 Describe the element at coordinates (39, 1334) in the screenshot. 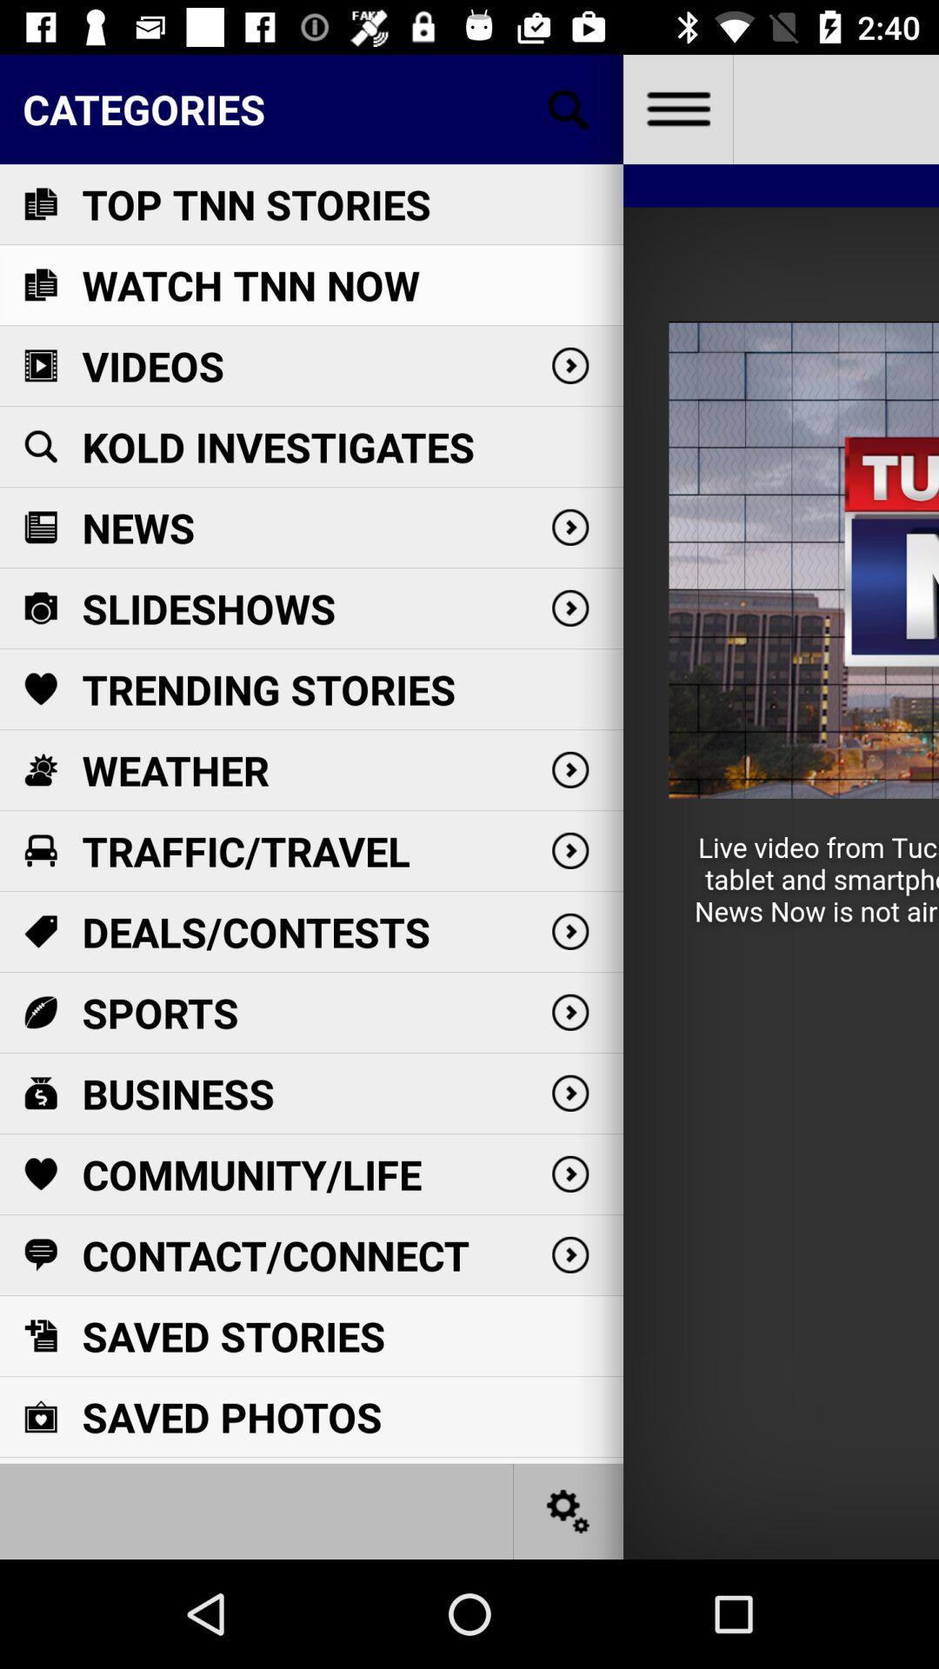

I see `the 2nd icon from the bottom of the list` at that location.